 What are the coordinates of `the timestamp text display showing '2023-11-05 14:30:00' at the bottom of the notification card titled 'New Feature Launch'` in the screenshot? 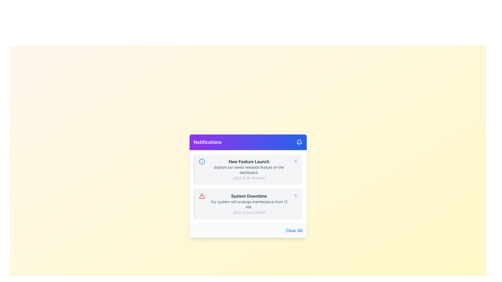 It's located at (249, 178).